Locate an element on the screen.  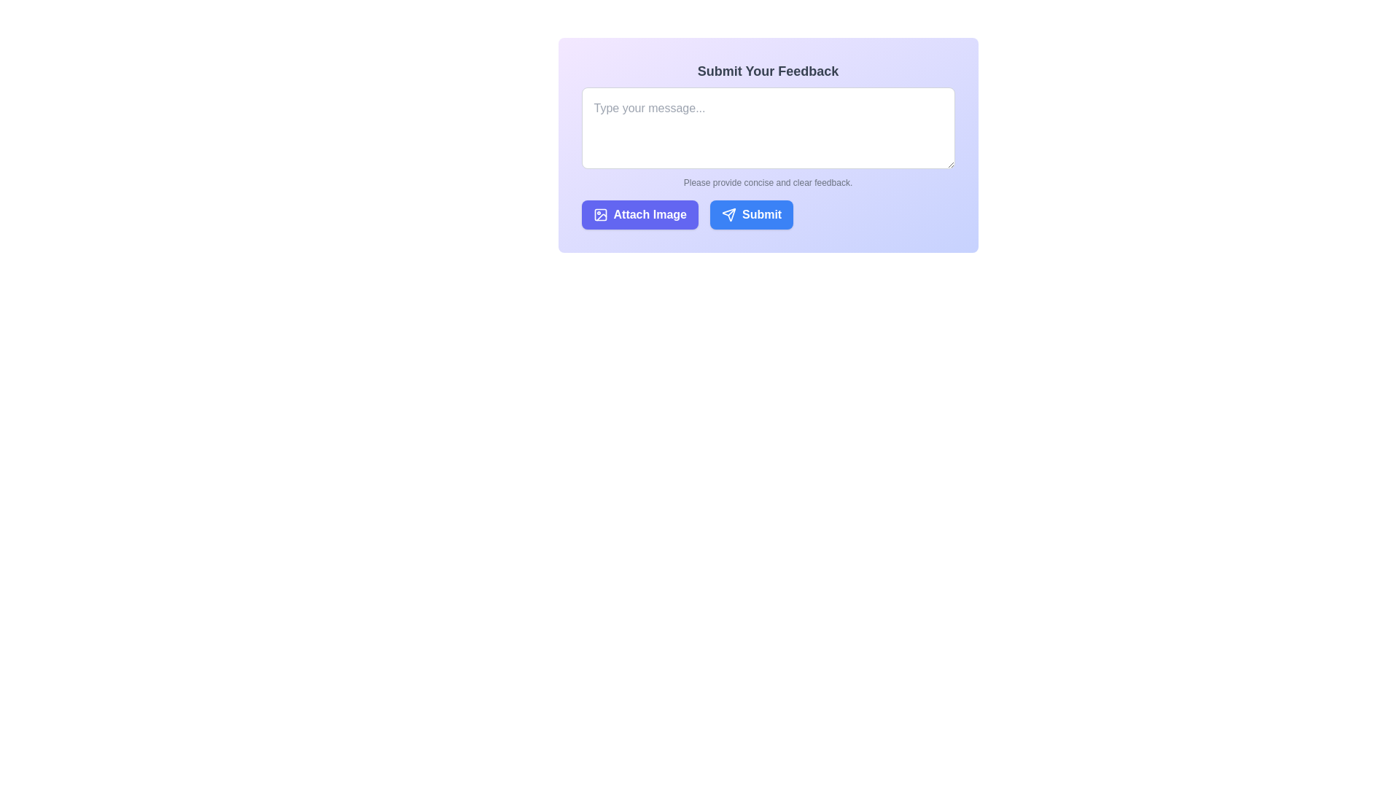
the button label located in the bottom-right corner of the feedback submission section is located at coordinates (761, 214).